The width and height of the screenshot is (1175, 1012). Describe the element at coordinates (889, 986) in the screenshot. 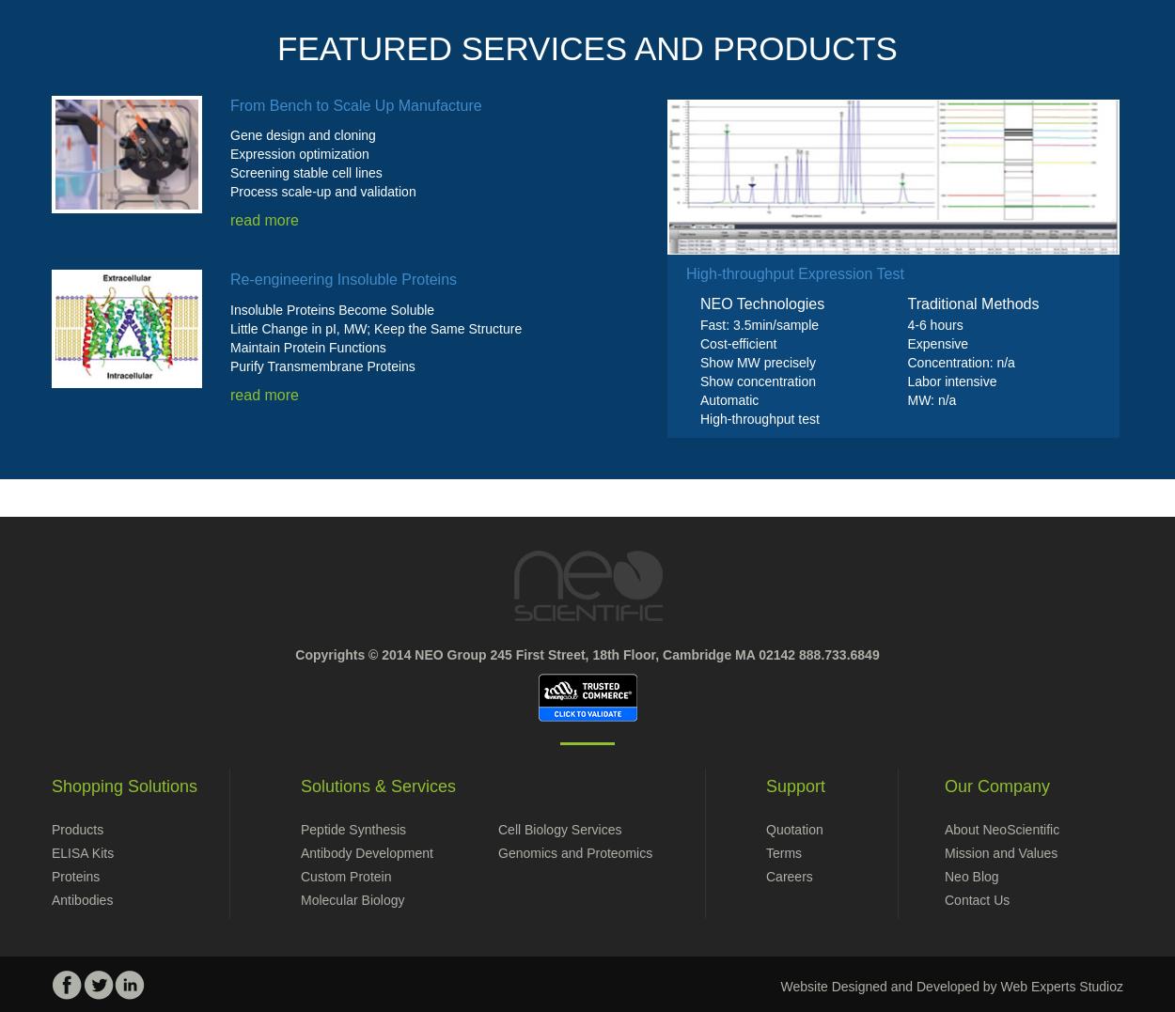

I see `'Website Designed and Developed by'` at that location.